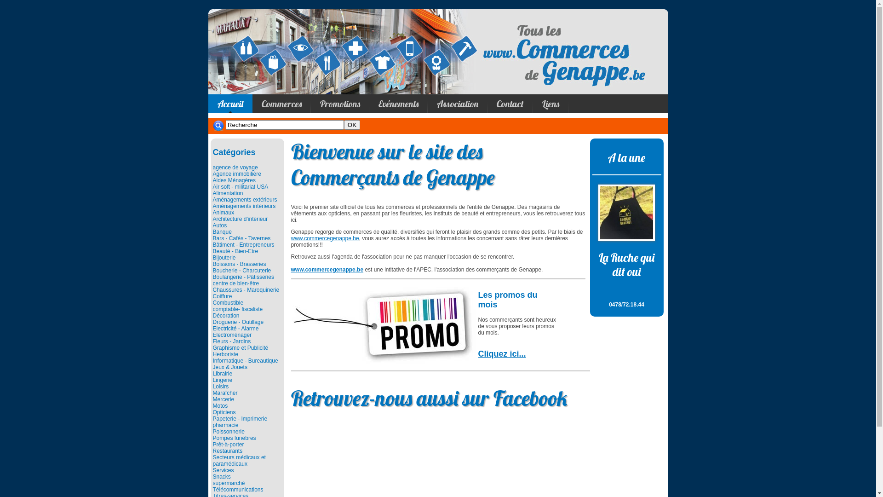 Image resolution: width=883 pixels, height=497 pixels. What do you see at coordinates (229, 367) in the screenshot?
I see `'Jeux & Jouets'` at bounding box center [229, 367].